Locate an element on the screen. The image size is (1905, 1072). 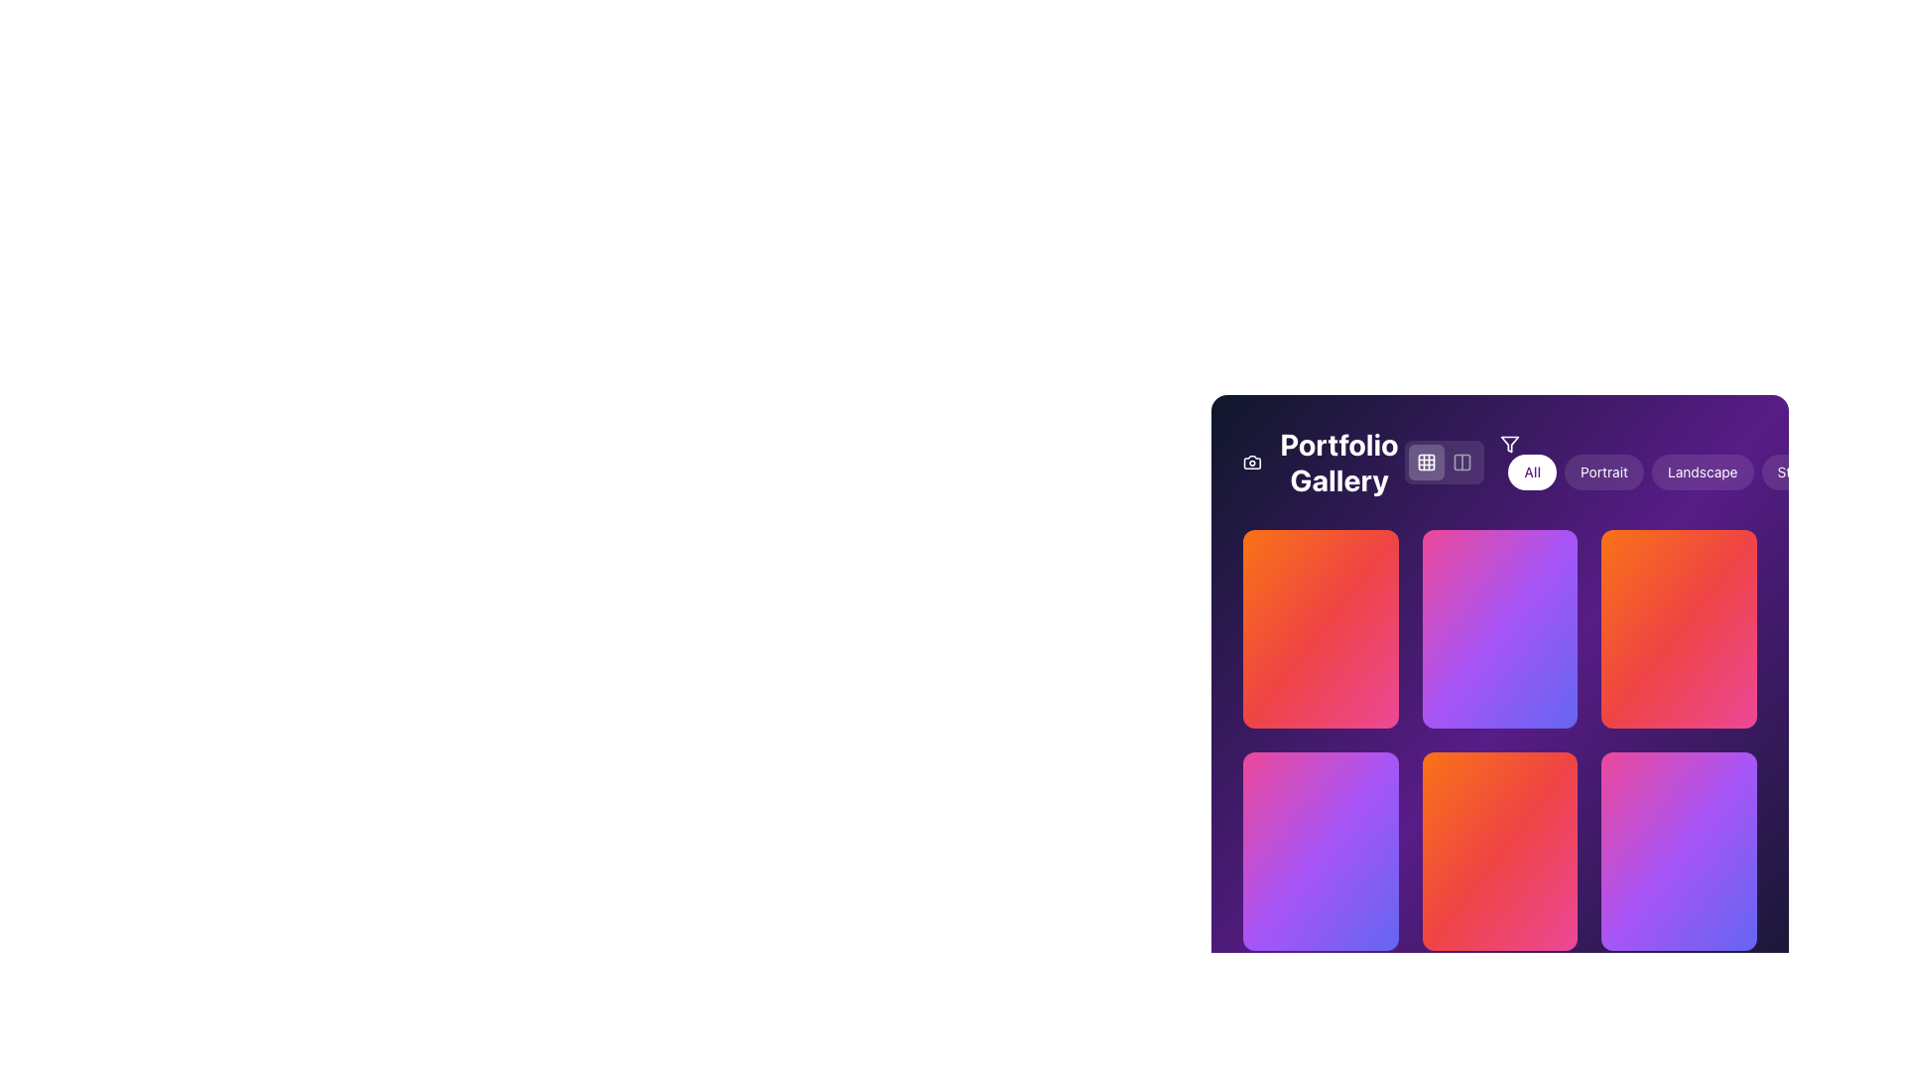
the rectangular card with a gradient background transitioning from orange to deep pink is located at coordinates (1500, 850).